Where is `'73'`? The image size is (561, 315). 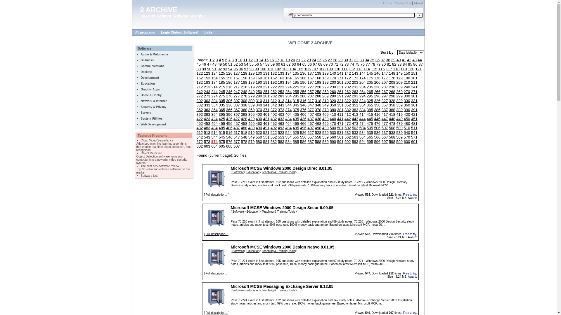
'73' is located at coordinates (346, 64).